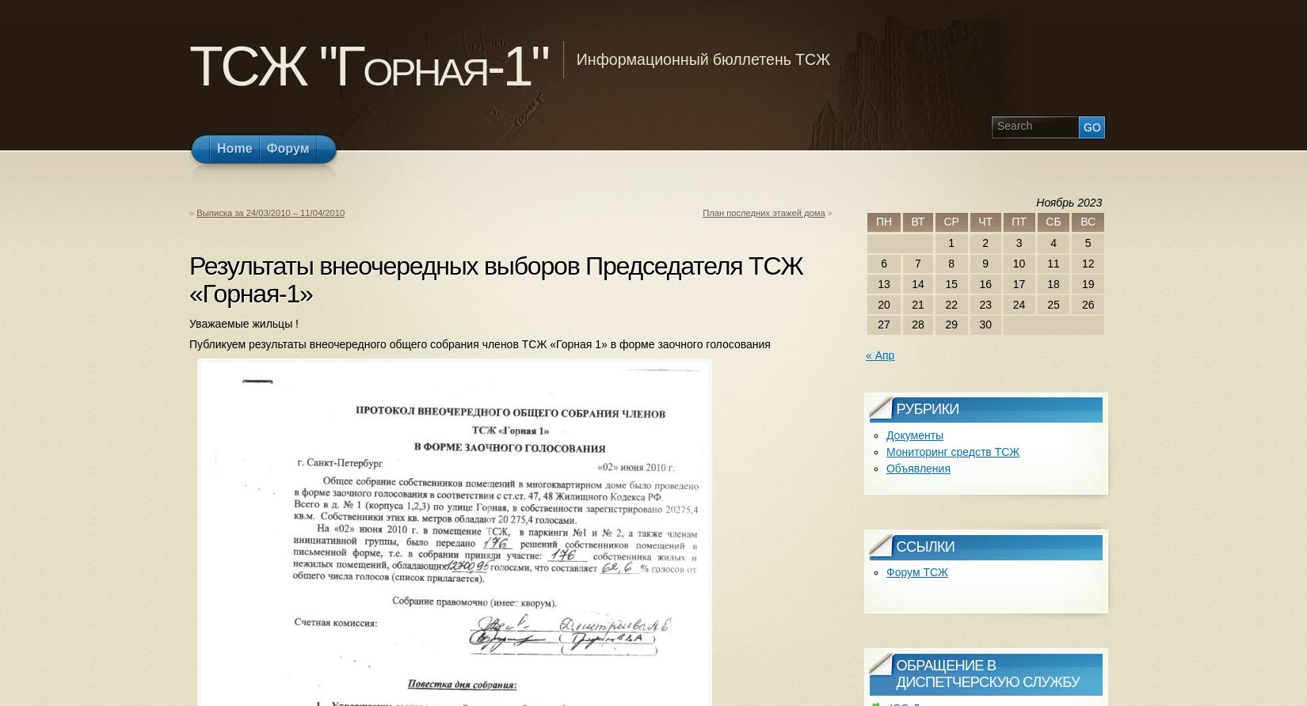  Describe the element at coordinates (883, 282) in the screenshot. I see `'13'` at that location.